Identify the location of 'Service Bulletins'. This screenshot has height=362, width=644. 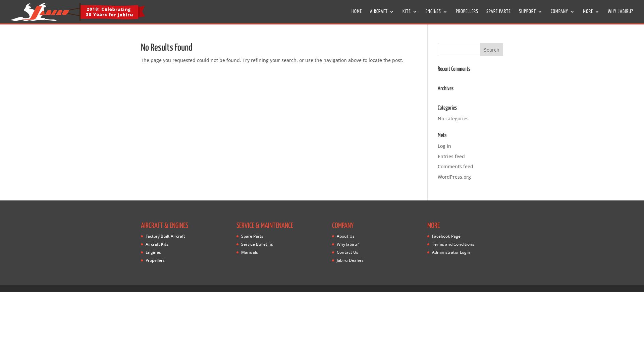
(257, 244).